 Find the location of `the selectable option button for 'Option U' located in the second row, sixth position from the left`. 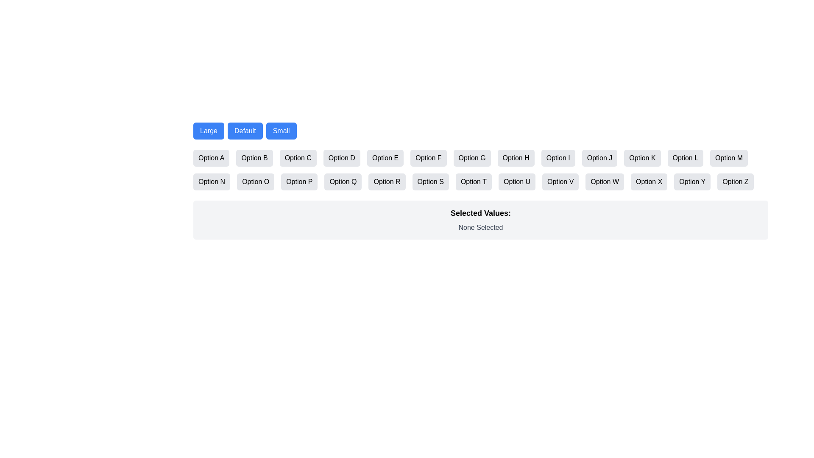

the selectable option button for 'Option U' located in the second row, sixth position from the left is located at coordinates (516, 181).